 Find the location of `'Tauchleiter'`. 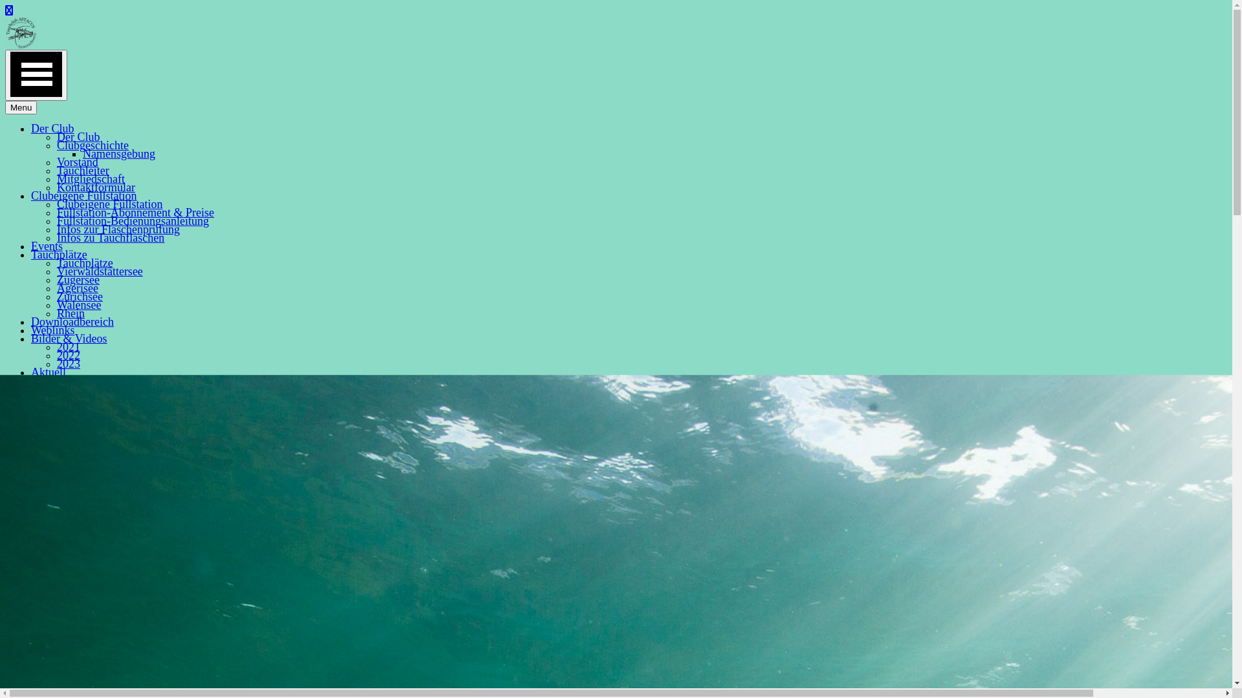

'Tauchleiter' is located at coordinates (82, 169).